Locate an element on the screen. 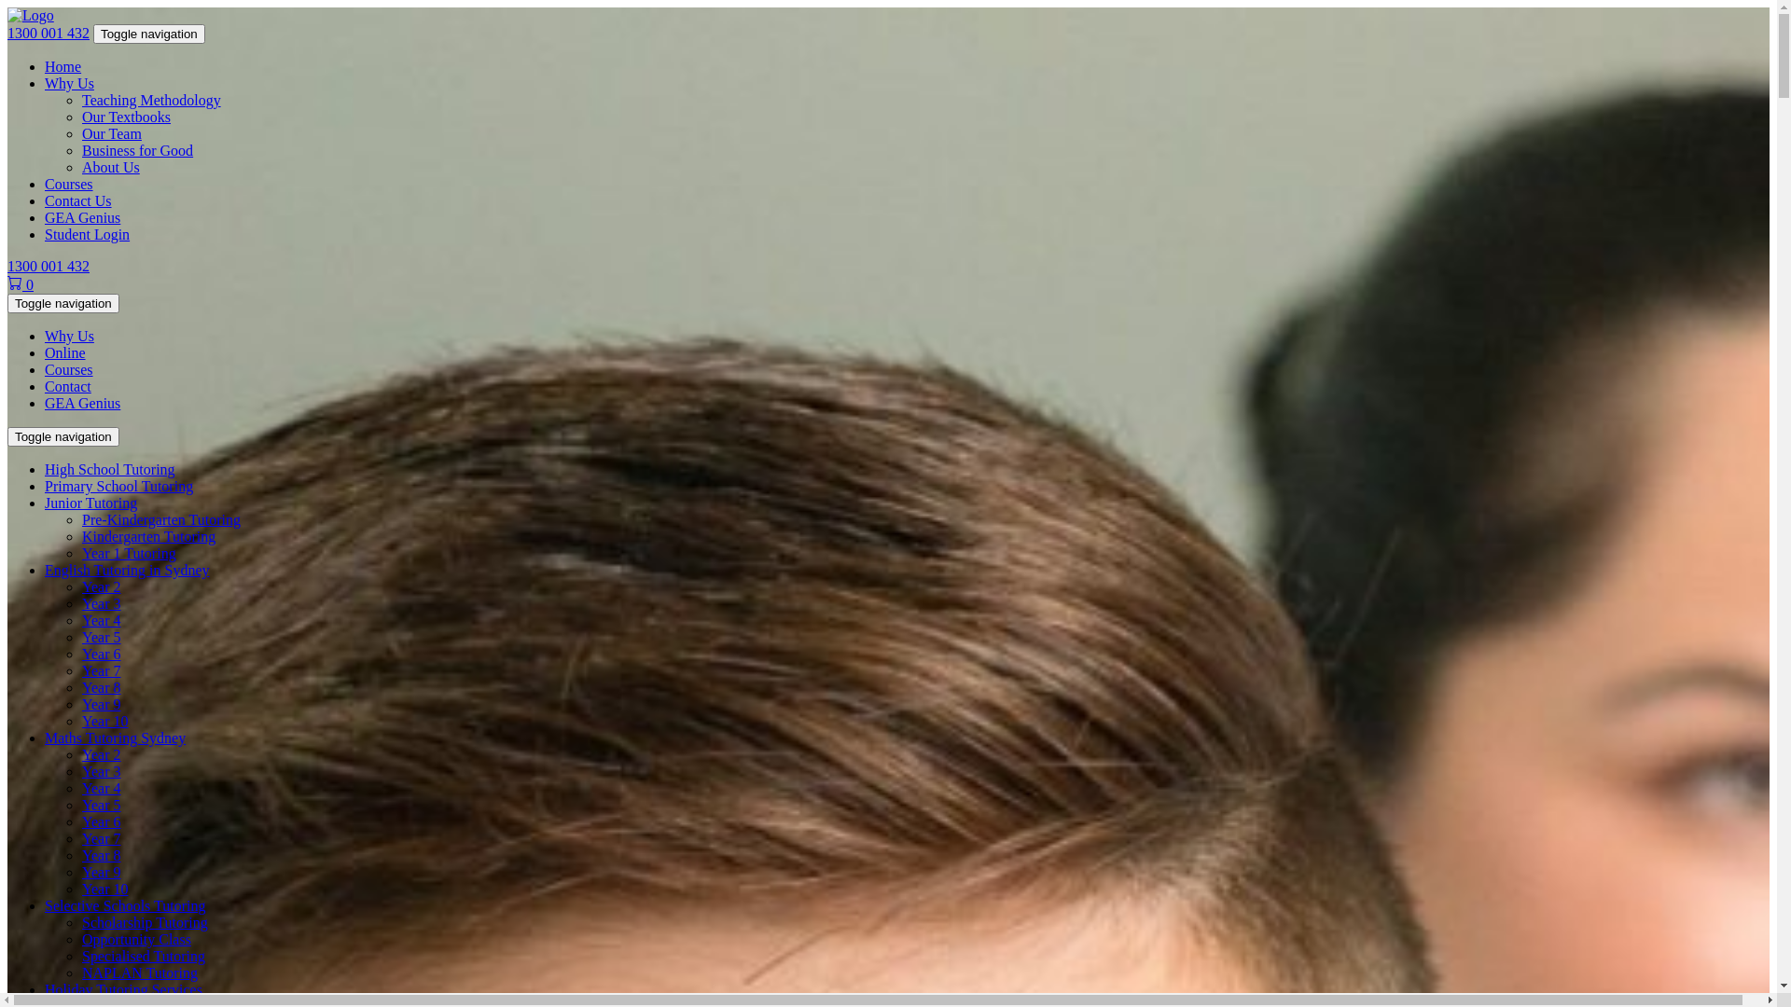 This screenshot has height=1007, width=1791. 'About Us' is located at coordinates (80, 166).